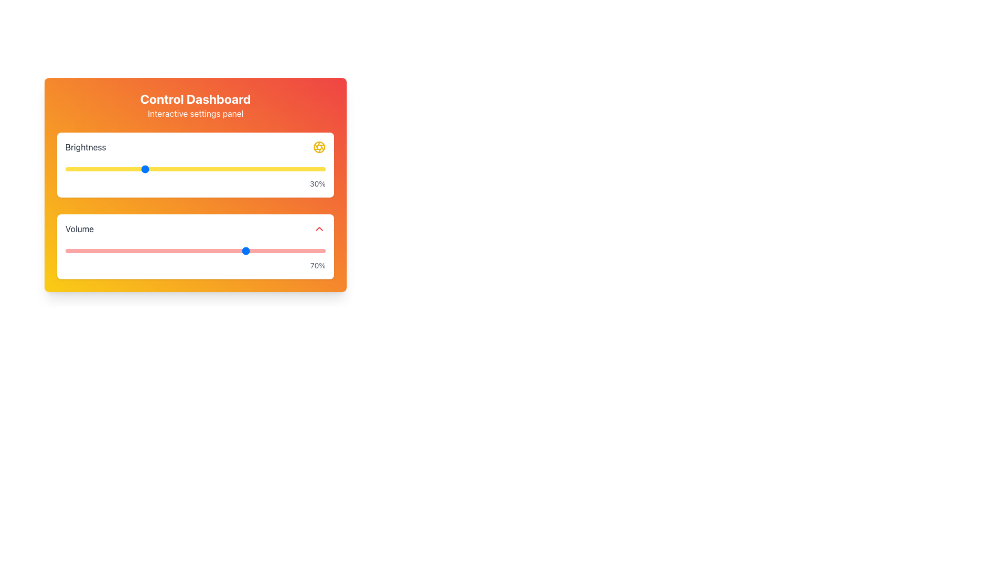 The height and width of the screenshot is (566, 1007). I want to click on brightness, so click(70, 169).